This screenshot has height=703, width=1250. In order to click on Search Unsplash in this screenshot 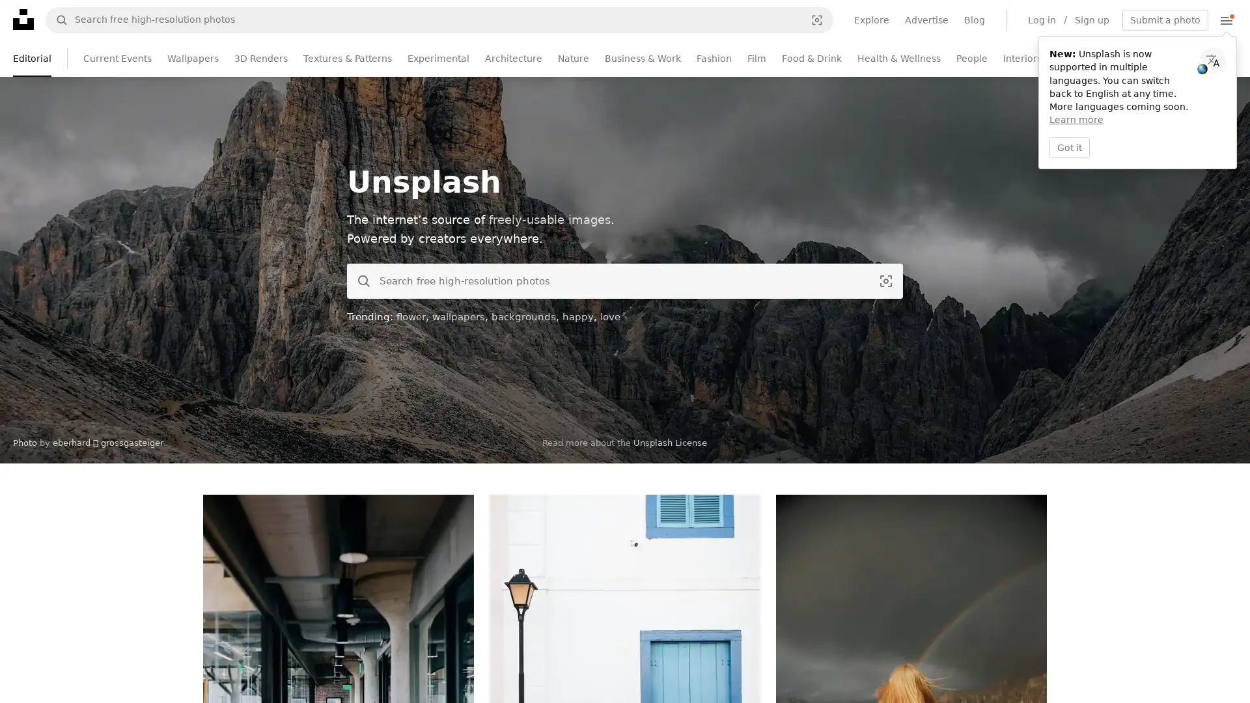, I will do `click(56, 20)`.